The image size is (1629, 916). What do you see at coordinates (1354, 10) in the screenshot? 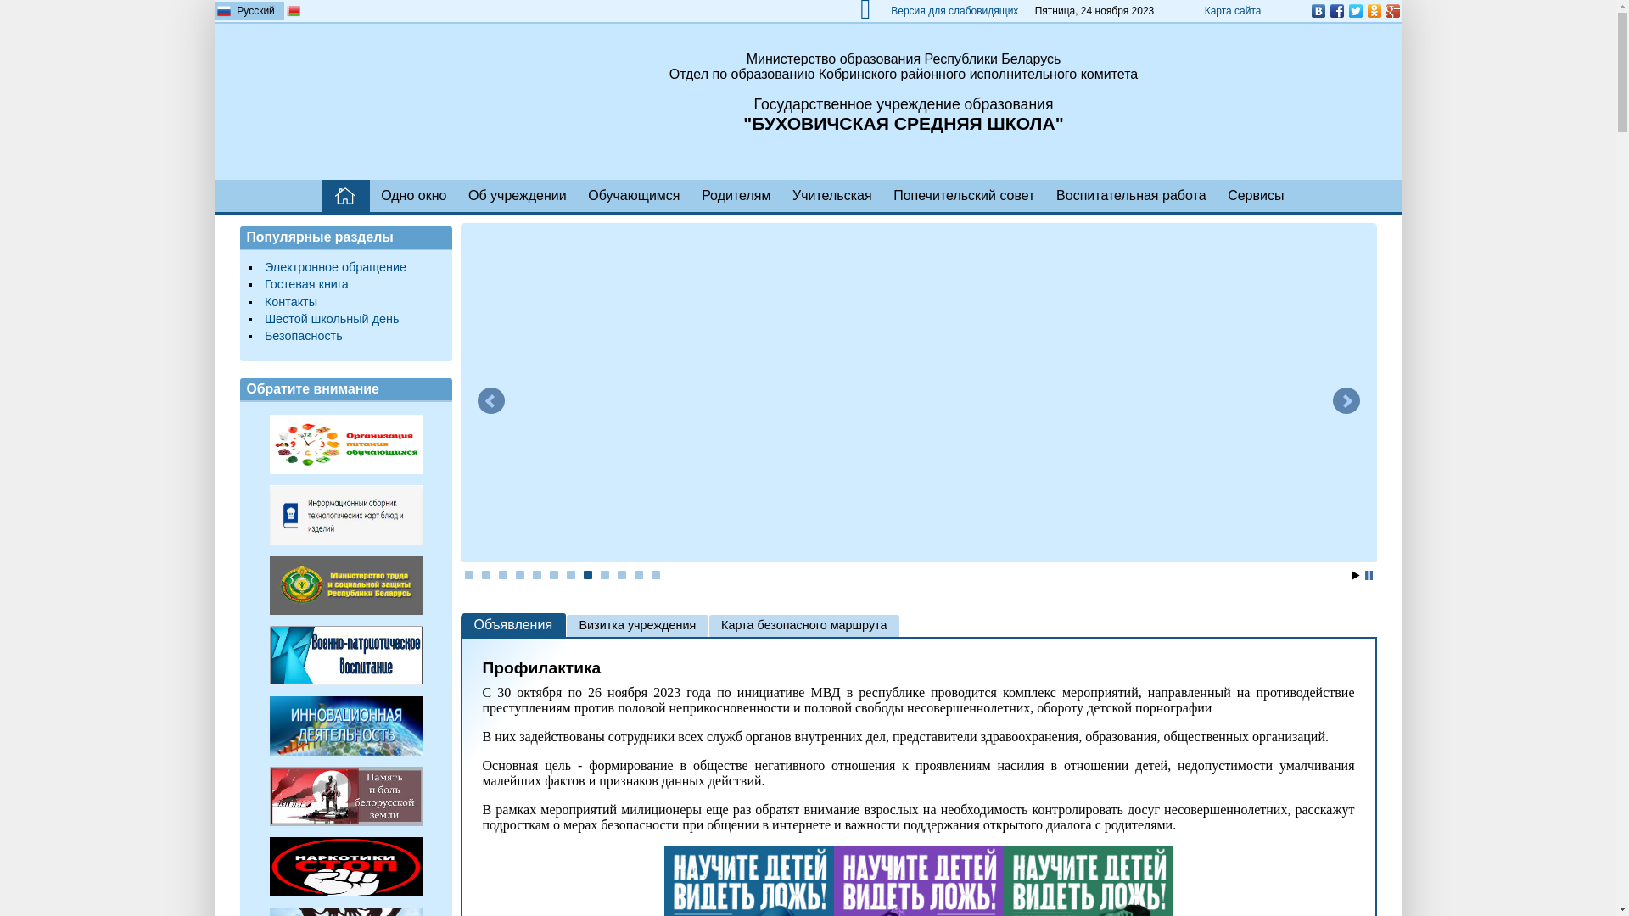
I see `'Twitter'` at bounding box center [1354, 10].